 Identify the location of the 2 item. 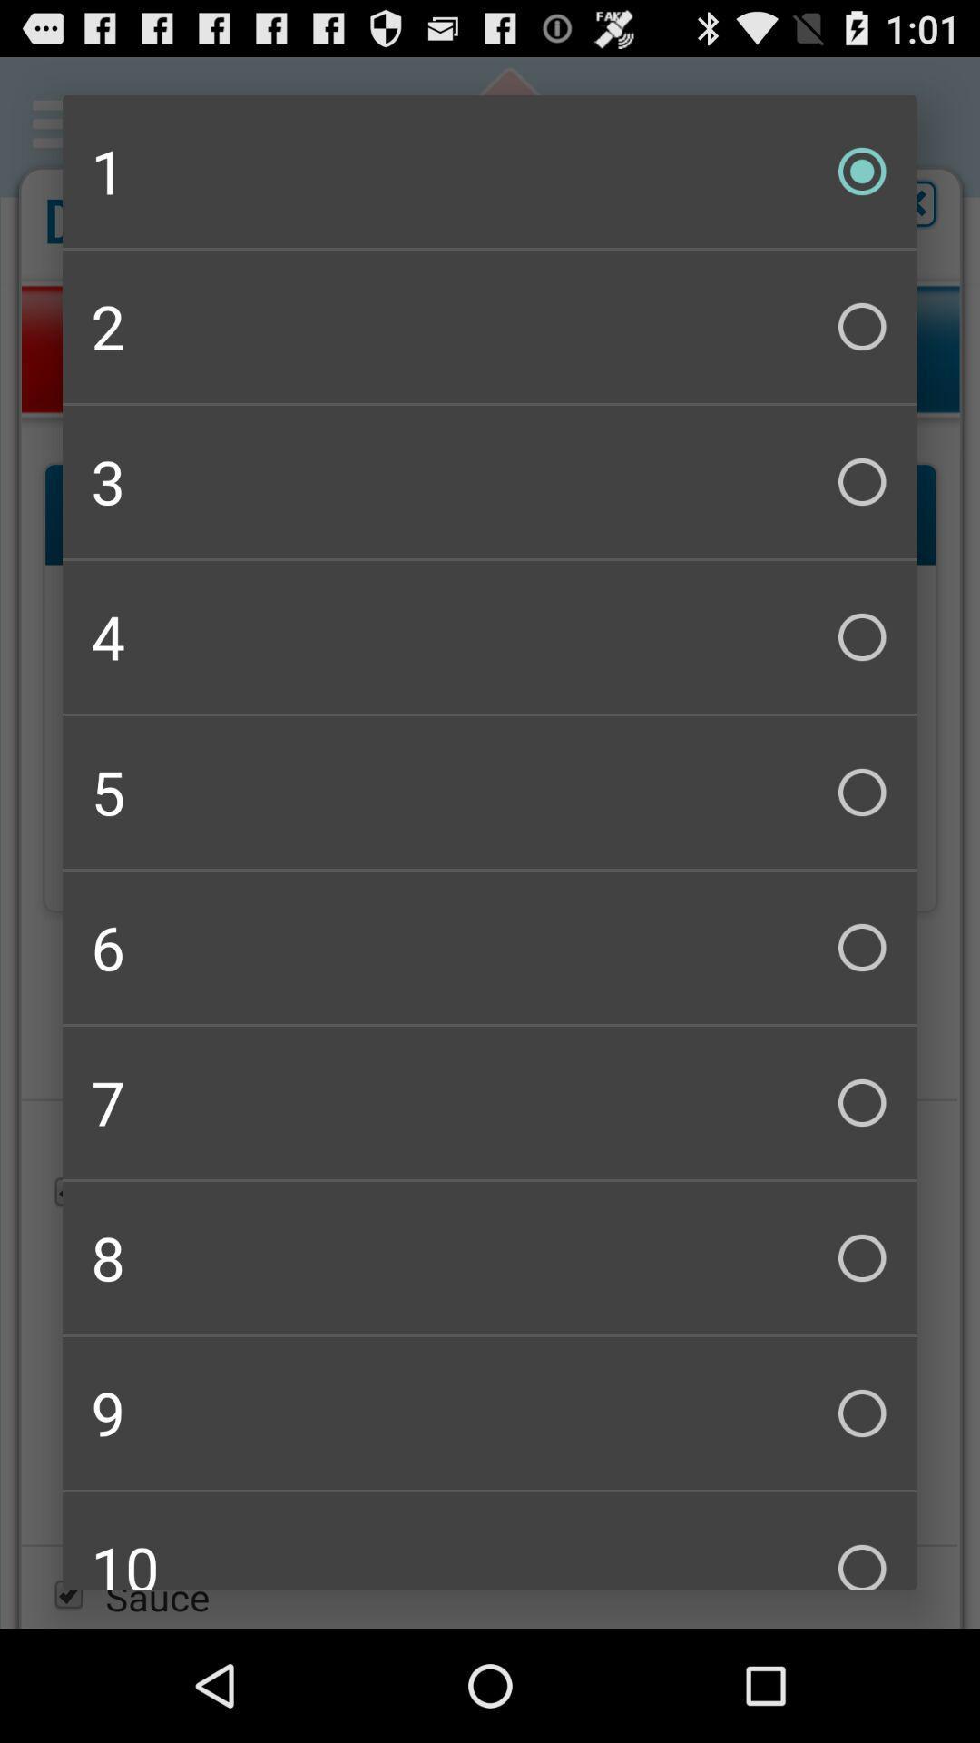
(490, 327).